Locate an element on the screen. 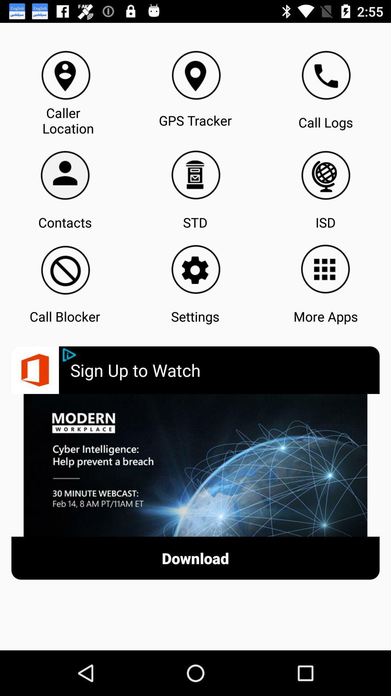  sign up to icon is located at coordinates (224, 370).